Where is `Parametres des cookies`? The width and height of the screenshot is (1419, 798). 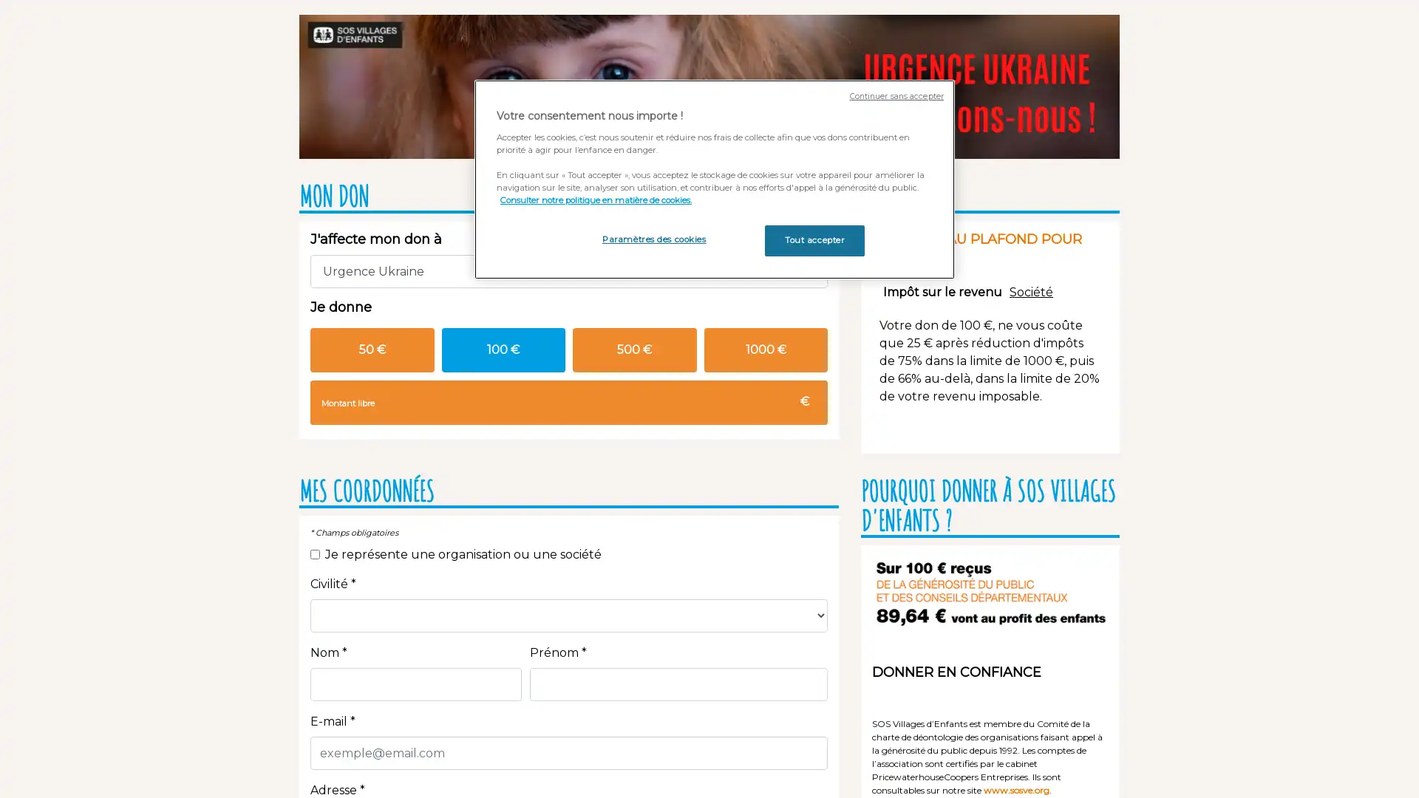 Parametres des cookies is located at coordinates (653, 239).